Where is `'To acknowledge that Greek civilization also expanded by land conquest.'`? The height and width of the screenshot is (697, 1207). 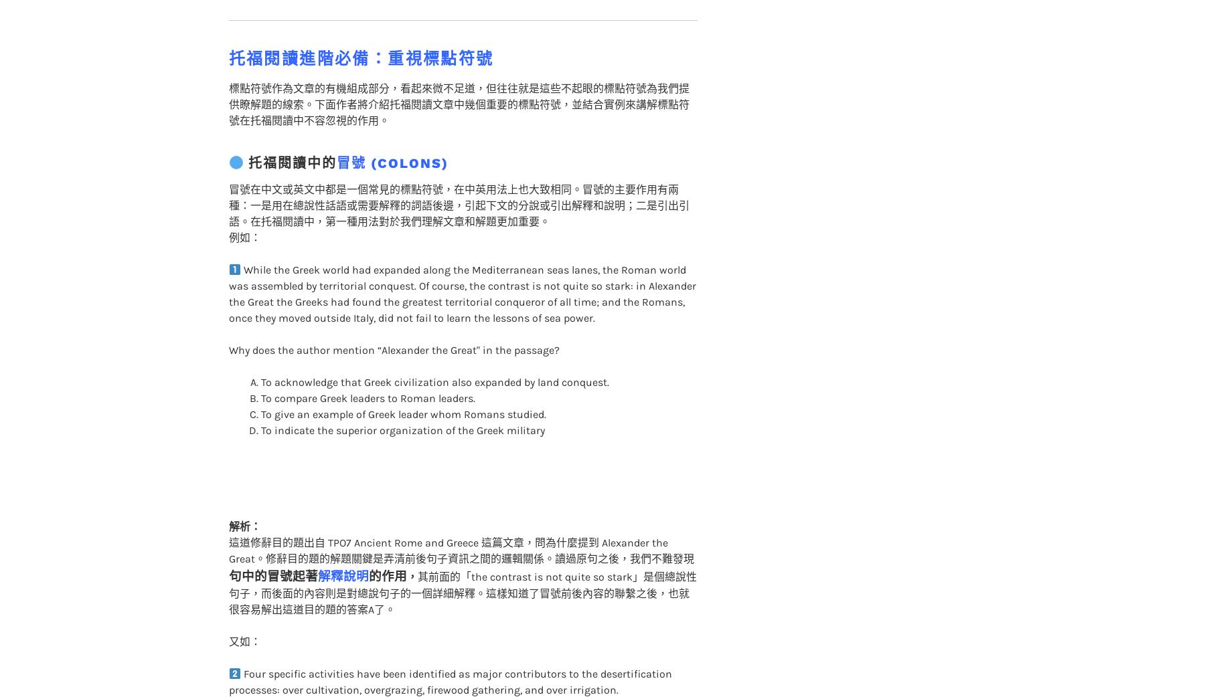
'To acknowledge that Greek civilization also expanded by land conquest.' is located at coordinates (434, 355).